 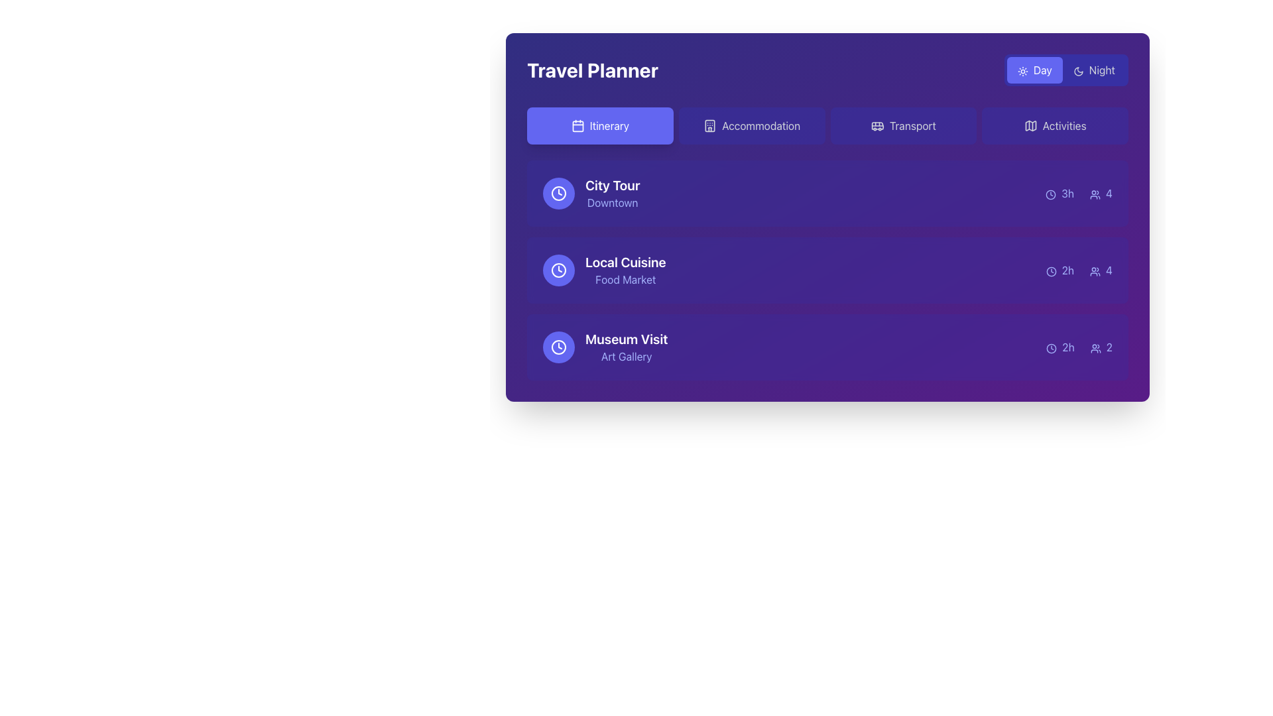 I want to click on the Accommodation icon, which is a purple SVG icon of a building with windows, located in the second navigation option of the main menu, so click(x=709, y=125).